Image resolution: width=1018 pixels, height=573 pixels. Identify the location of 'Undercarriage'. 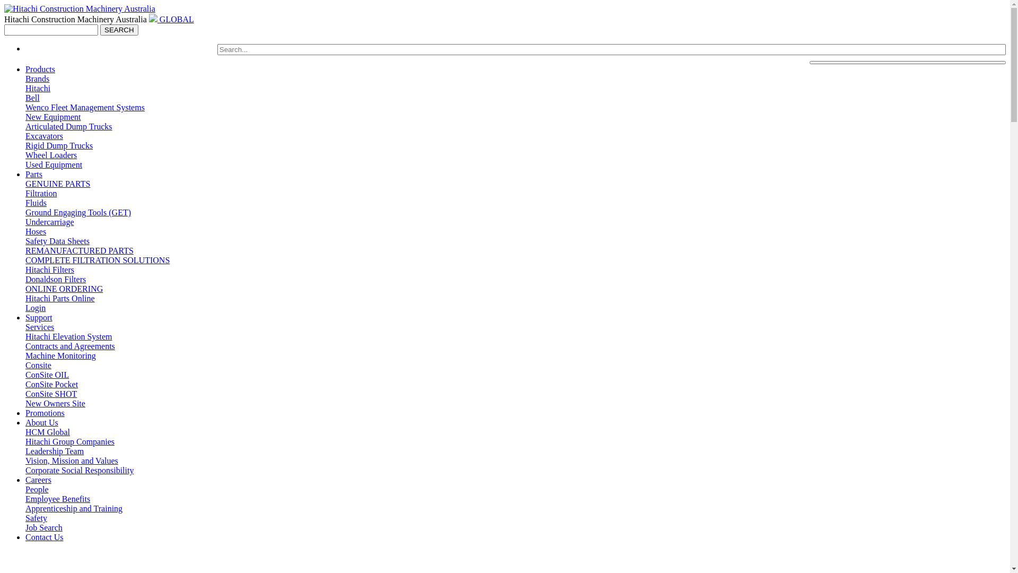
(49, 221).